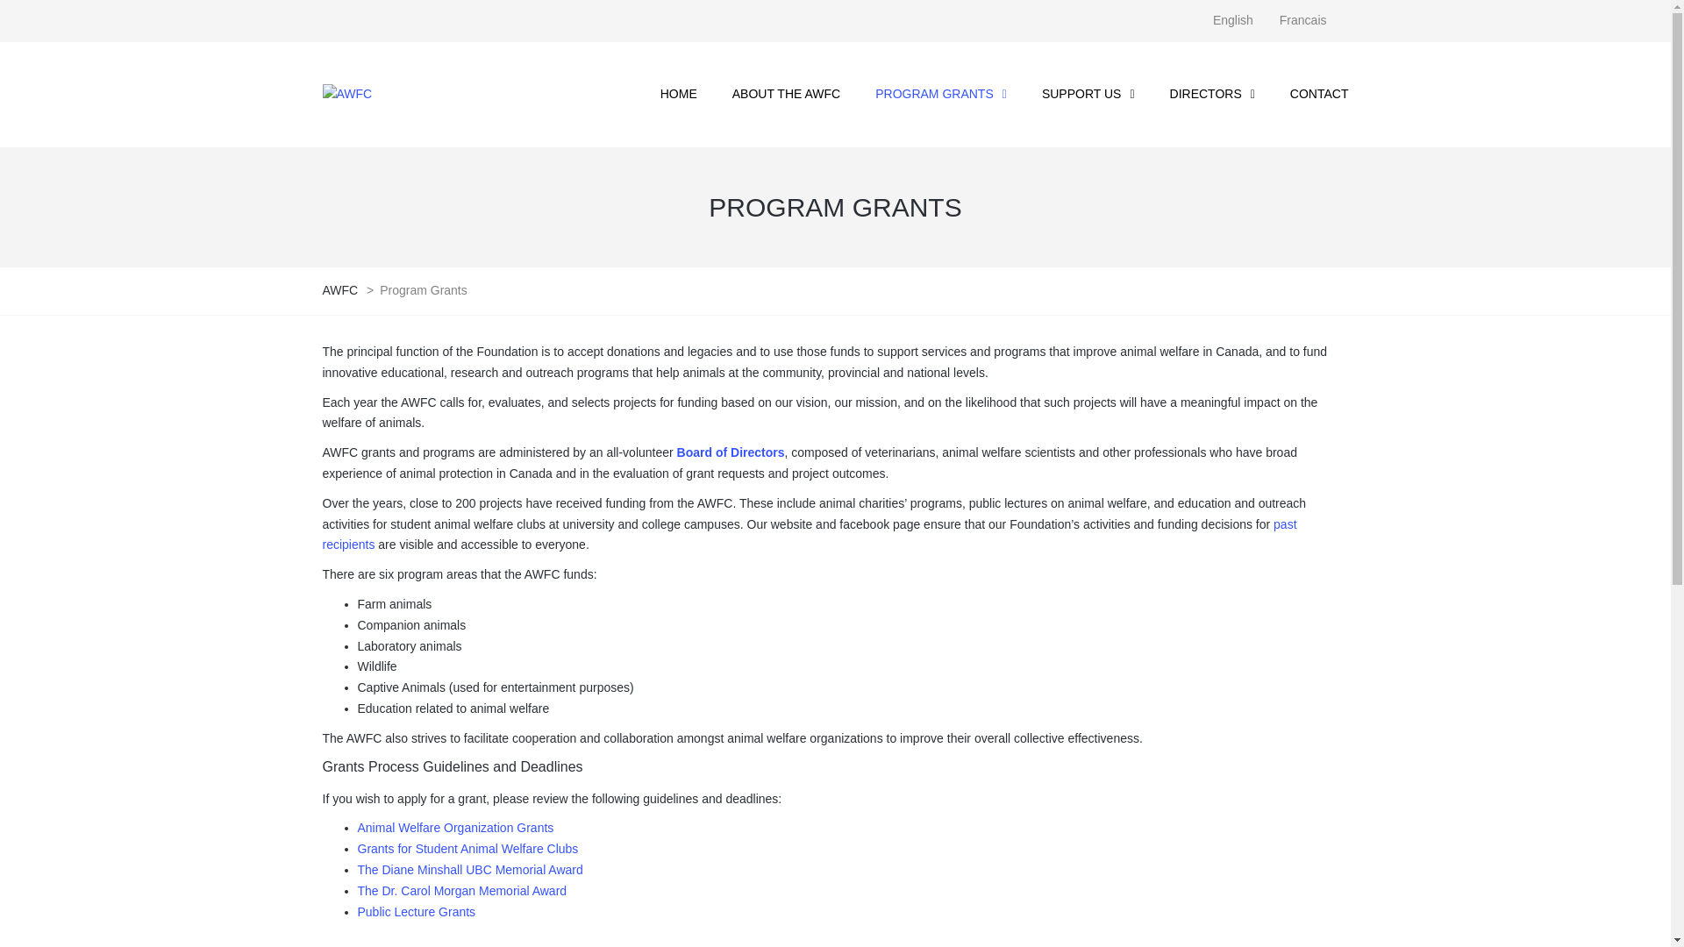 This screenshot has width=1684, height=947. What do you see at coordinates (341, 289) in the screenshot?
I see `'AWFC'` at bounding box center [341, 289].